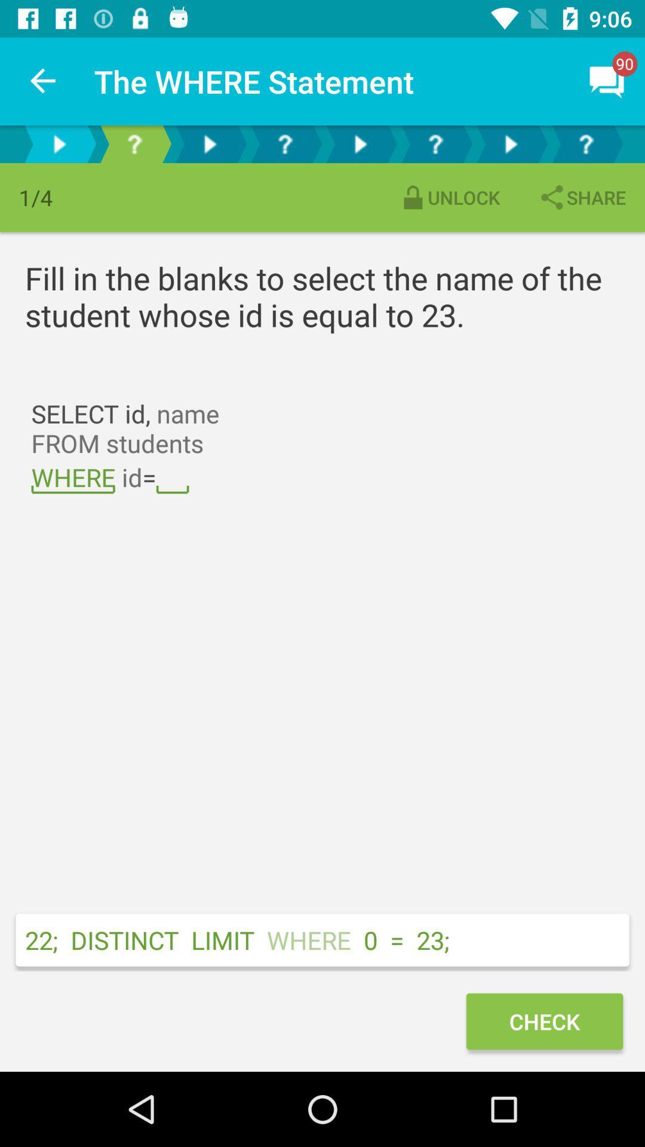  What do you see at coordinates (359, 143) in the screenshot?
I see `jumps to the next question` at bounding box center [359, 143].